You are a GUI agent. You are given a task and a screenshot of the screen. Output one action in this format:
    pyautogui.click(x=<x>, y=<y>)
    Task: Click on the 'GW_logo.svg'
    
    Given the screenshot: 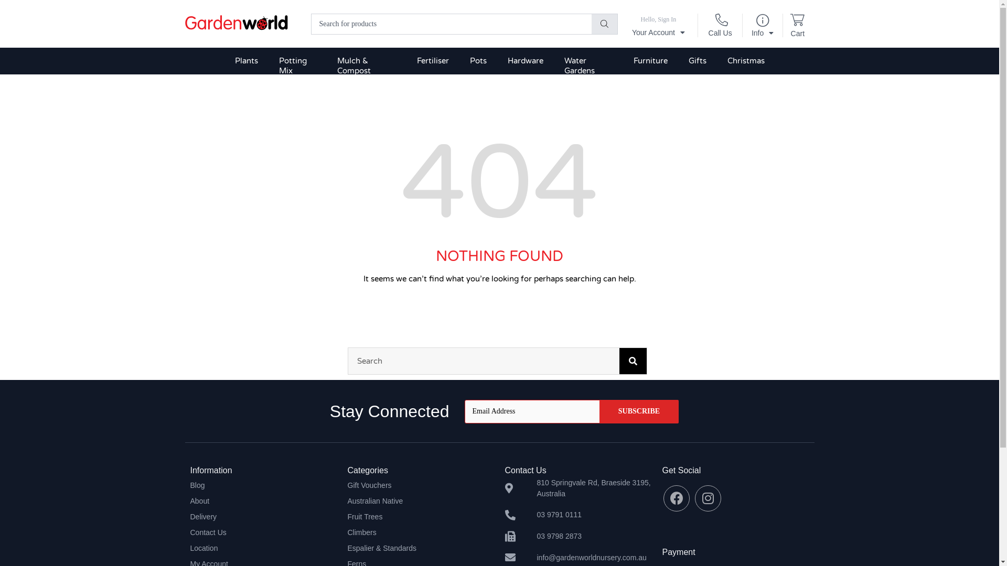 What is the action you would take?
    pyautogui.click(x=235, y=23)
    